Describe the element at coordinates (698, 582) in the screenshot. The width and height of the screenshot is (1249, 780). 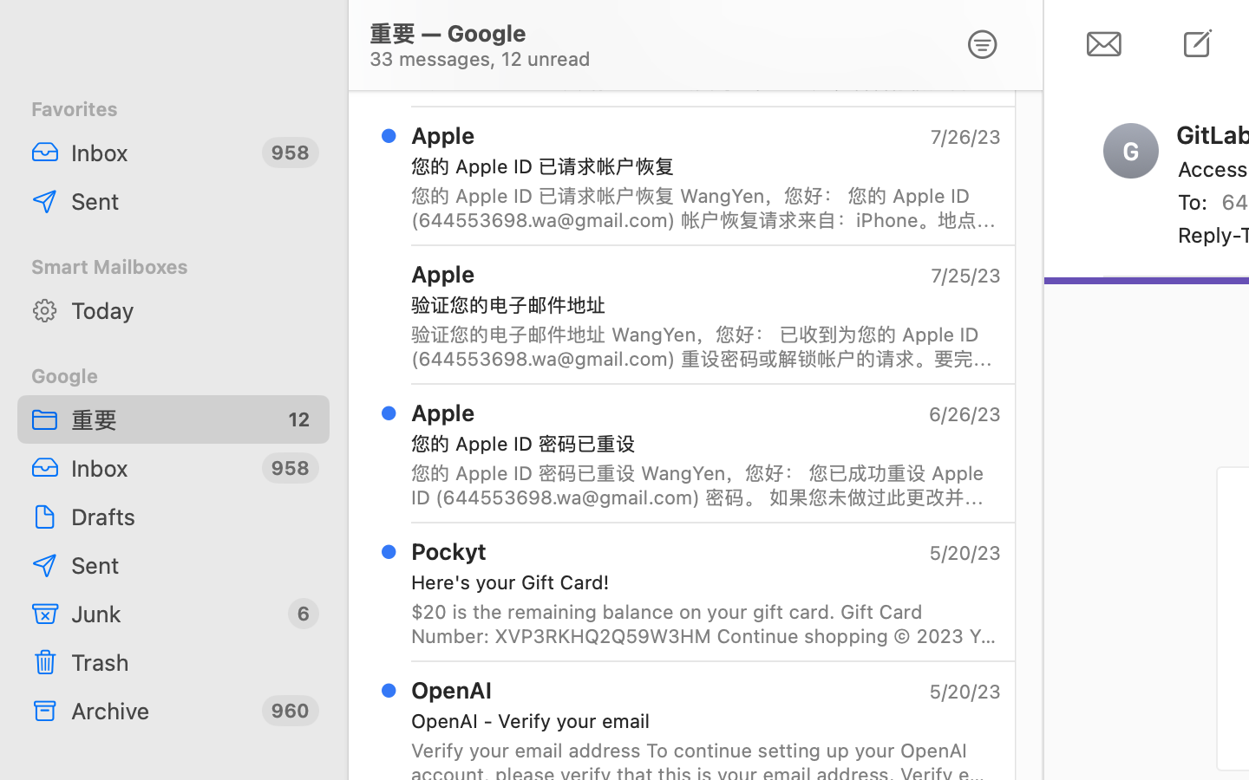
I see `'Here'` at that location.